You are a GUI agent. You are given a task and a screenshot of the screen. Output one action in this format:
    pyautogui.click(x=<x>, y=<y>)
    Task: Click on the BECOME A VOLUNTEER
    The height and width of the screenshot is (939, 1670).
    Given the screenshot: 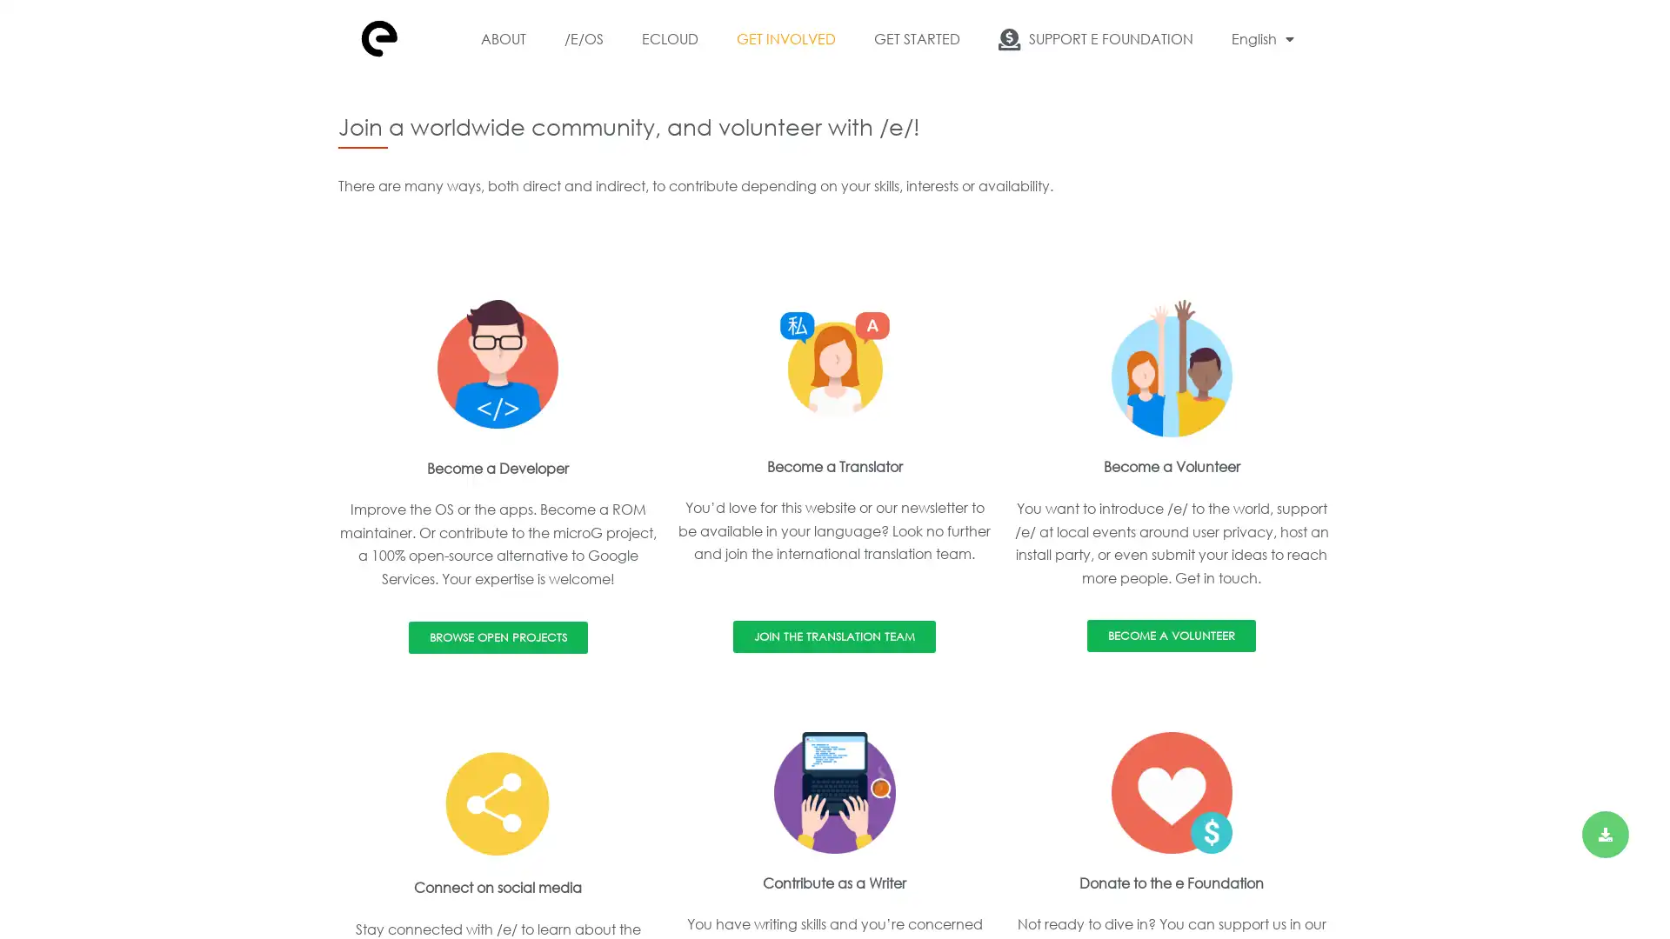 What is the action you would take?
    pyautogui.click(x=1172, y=636)
    